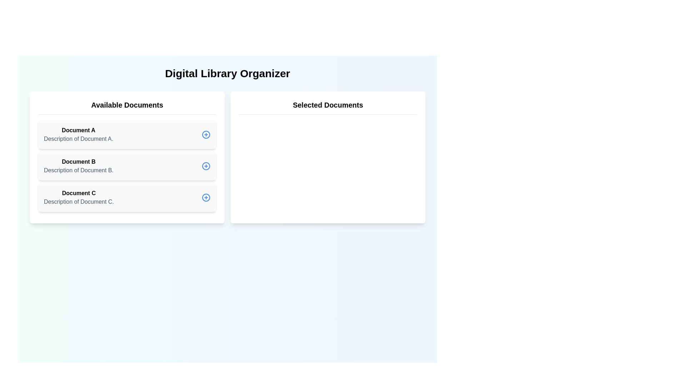 The height and width of the screenshot is (386, 686). What do you see at coordinates (79, 197) in the screenshot?
I see `the informational Text element that presents the name and description of 'Document C' located in the third row of the 'Available Documents' section` at bounding box center [79, 197].